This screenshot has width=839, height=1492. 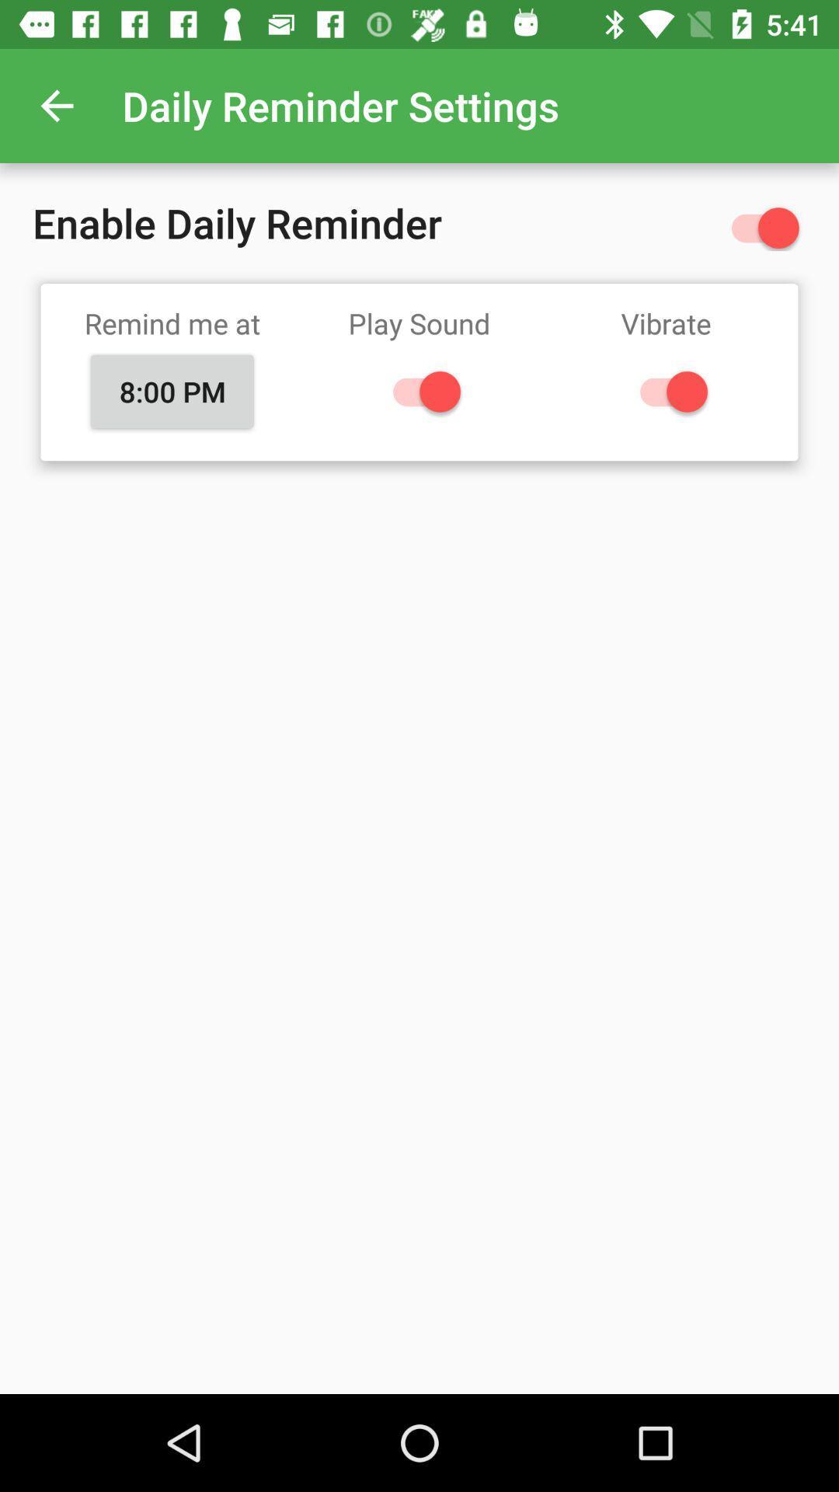 What do you see at coordinates (172, 392) in the screenshot?
I see `8:00 pm icon` at bounding box center [172, 392].